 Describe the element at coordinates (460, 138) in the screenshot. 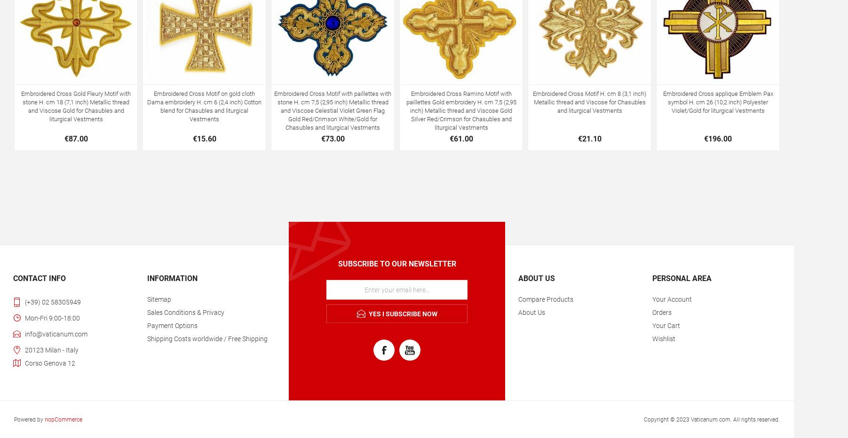

I see `'€61.00'` at that location.